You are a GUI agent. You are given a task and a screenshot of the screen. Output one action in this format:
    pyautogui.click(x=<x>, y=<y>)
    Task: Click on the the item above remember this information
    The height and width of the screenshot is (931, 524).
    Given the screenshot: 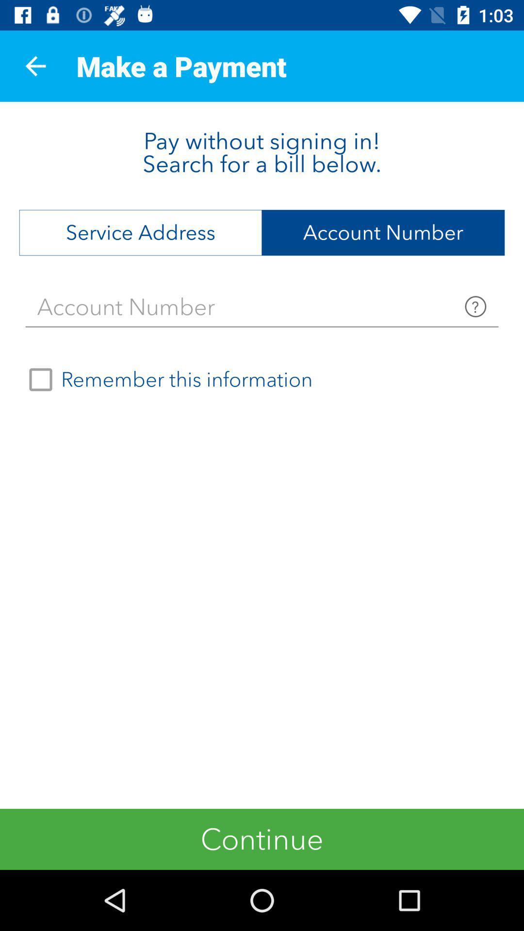 What is the action you would take?
    pyautogui.click(x=262, y=306)
    